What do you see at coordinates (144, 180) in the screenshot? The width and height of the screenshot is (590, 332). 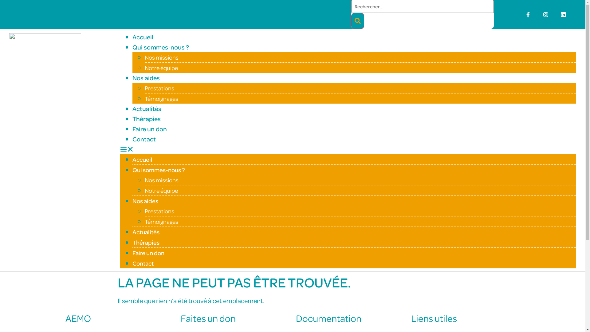 I see `'Nos missions'` at bounding box center [144, 180].